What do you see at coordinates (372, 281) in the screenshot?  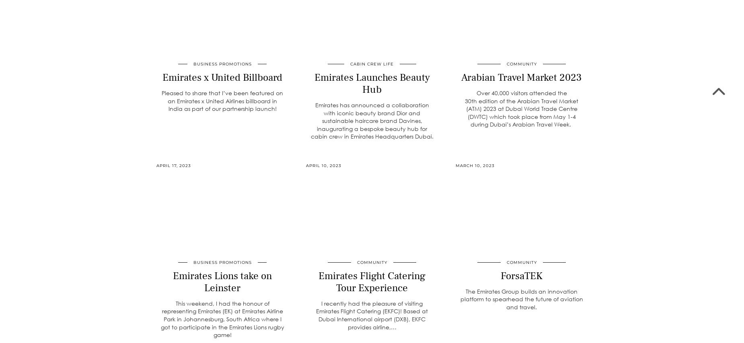 I see `'Emirates Flight Catering Tour Experience'` at bounding box center [372, 281].